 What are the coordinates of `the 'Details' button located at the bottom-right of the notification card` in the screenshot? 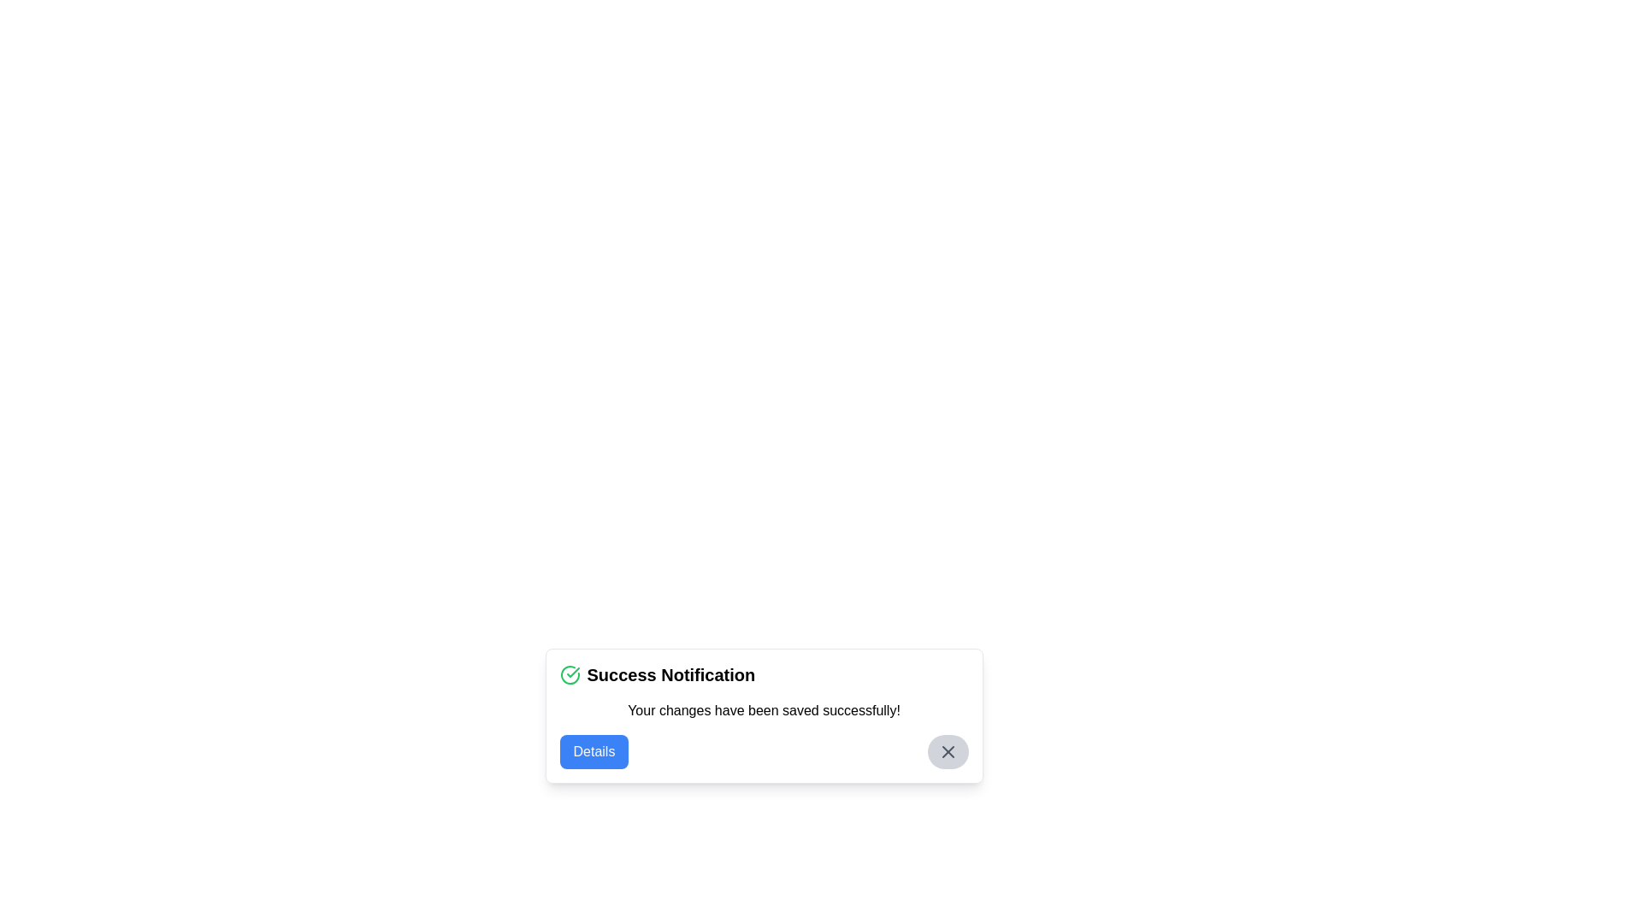 It's located at (594, 750).